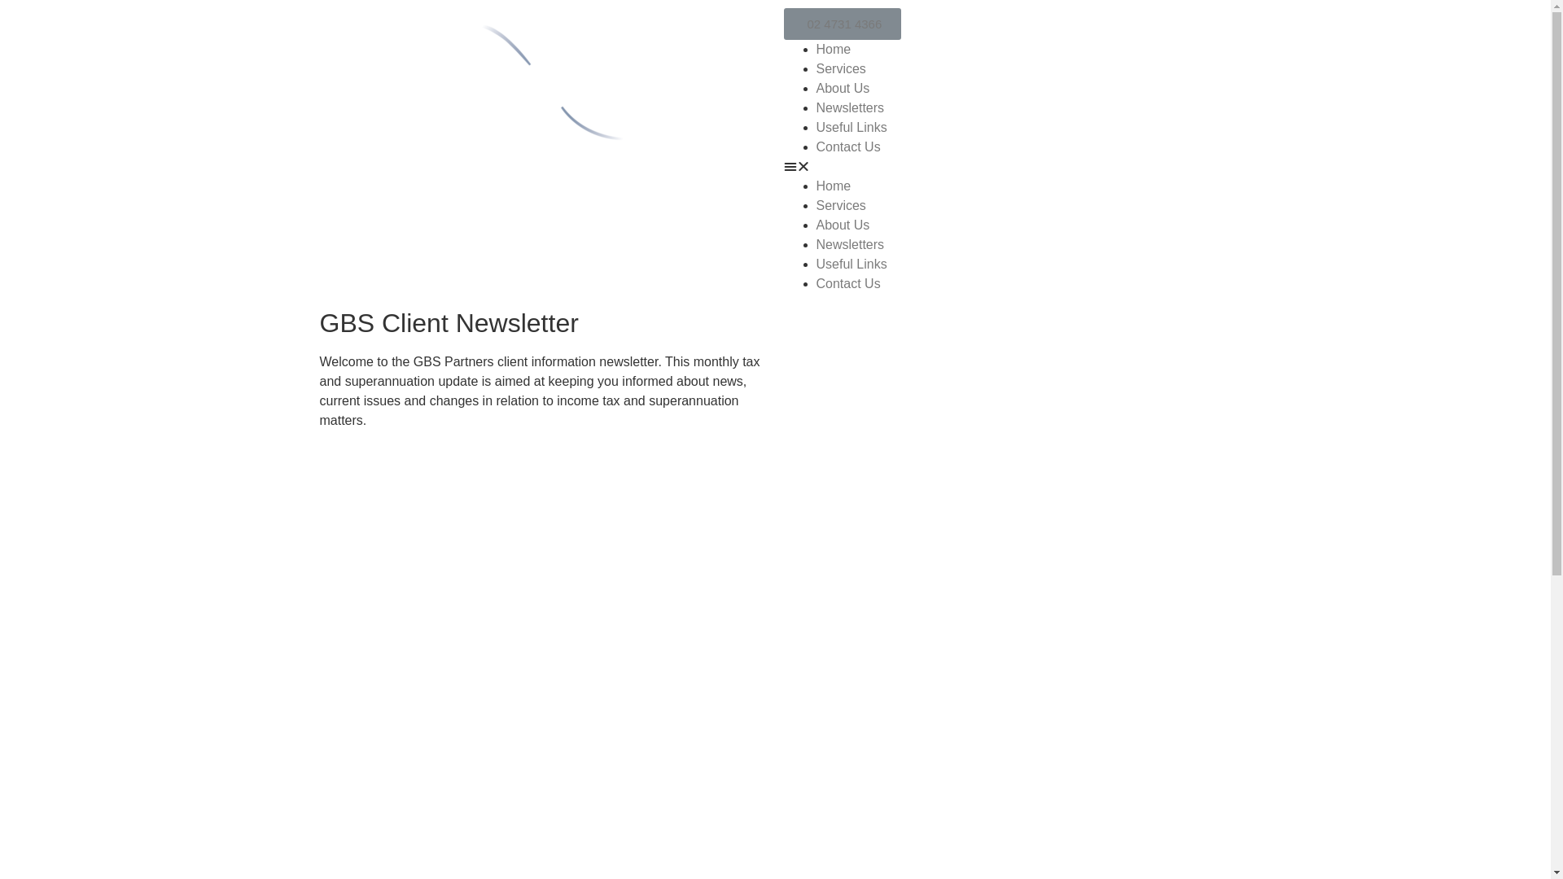 This screenshot has width=1563, height=879. What do you see at coordinates (842, 24) in the screenshot?
I see `'02 4731 4366'` at bounding box center [842, 24].